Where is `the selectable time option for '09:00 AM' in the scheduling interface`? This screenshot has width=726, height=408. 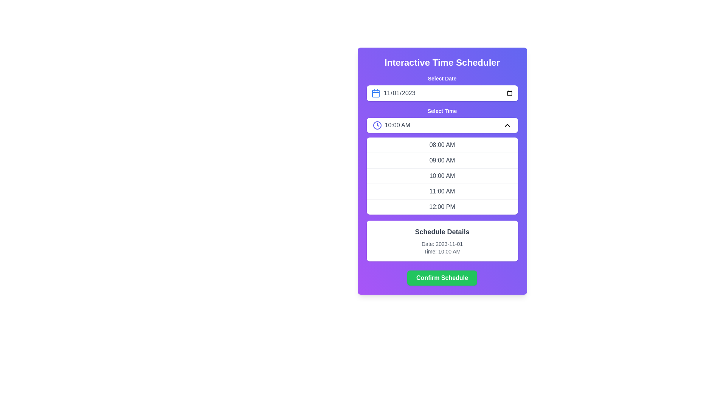
the selectable time option for '09:00 AM' in the scheduling interface is located at coordinates (442, 160).